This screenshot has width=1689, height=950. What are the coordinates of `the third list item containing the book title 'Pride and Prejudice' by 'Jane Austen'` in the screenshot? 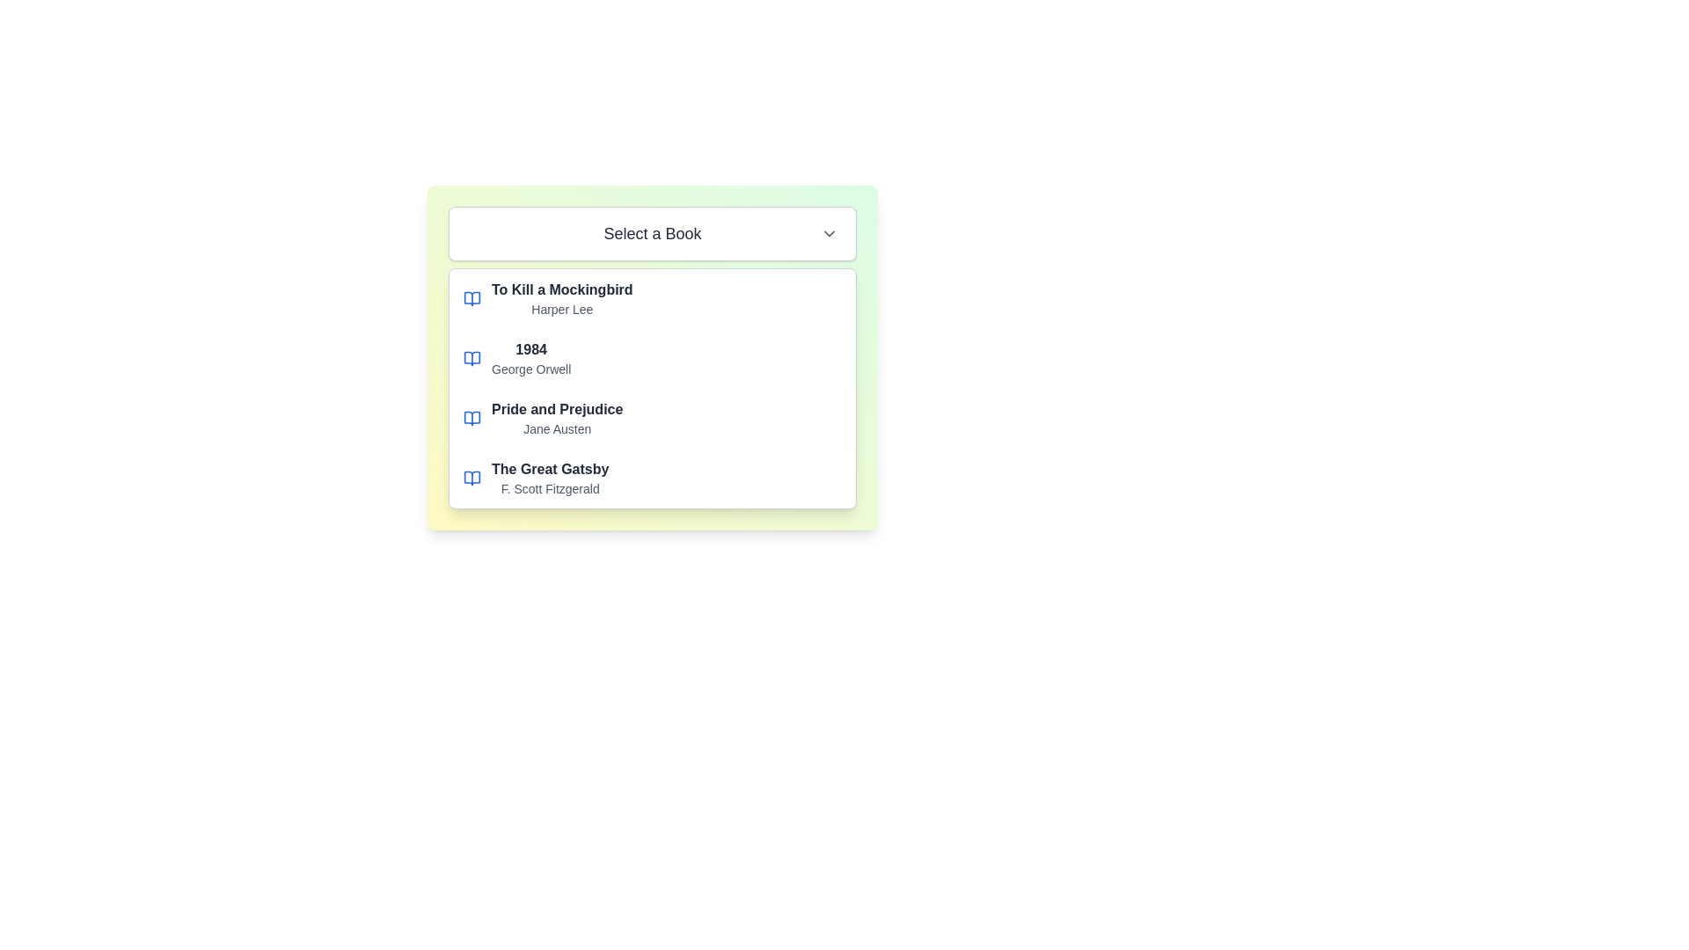 It's located at (652, 418).